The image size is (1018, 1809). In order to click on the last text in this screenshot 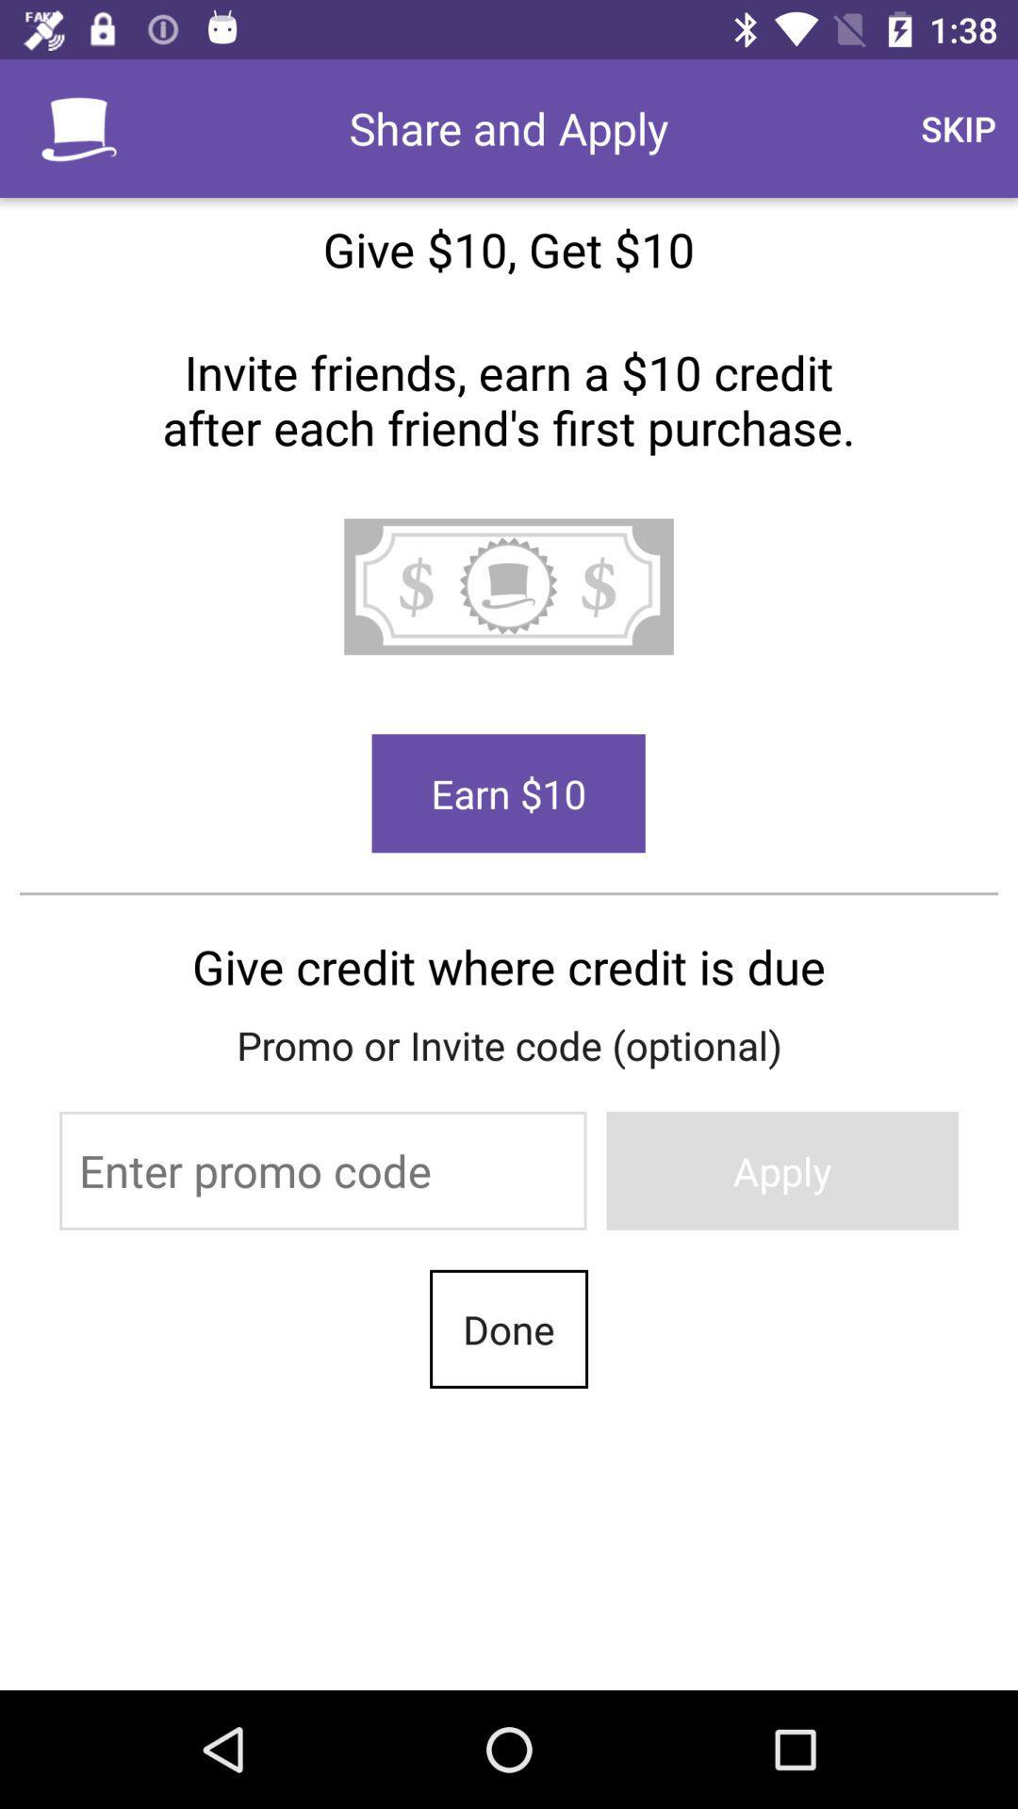, I will do `click(509, 1328)`.